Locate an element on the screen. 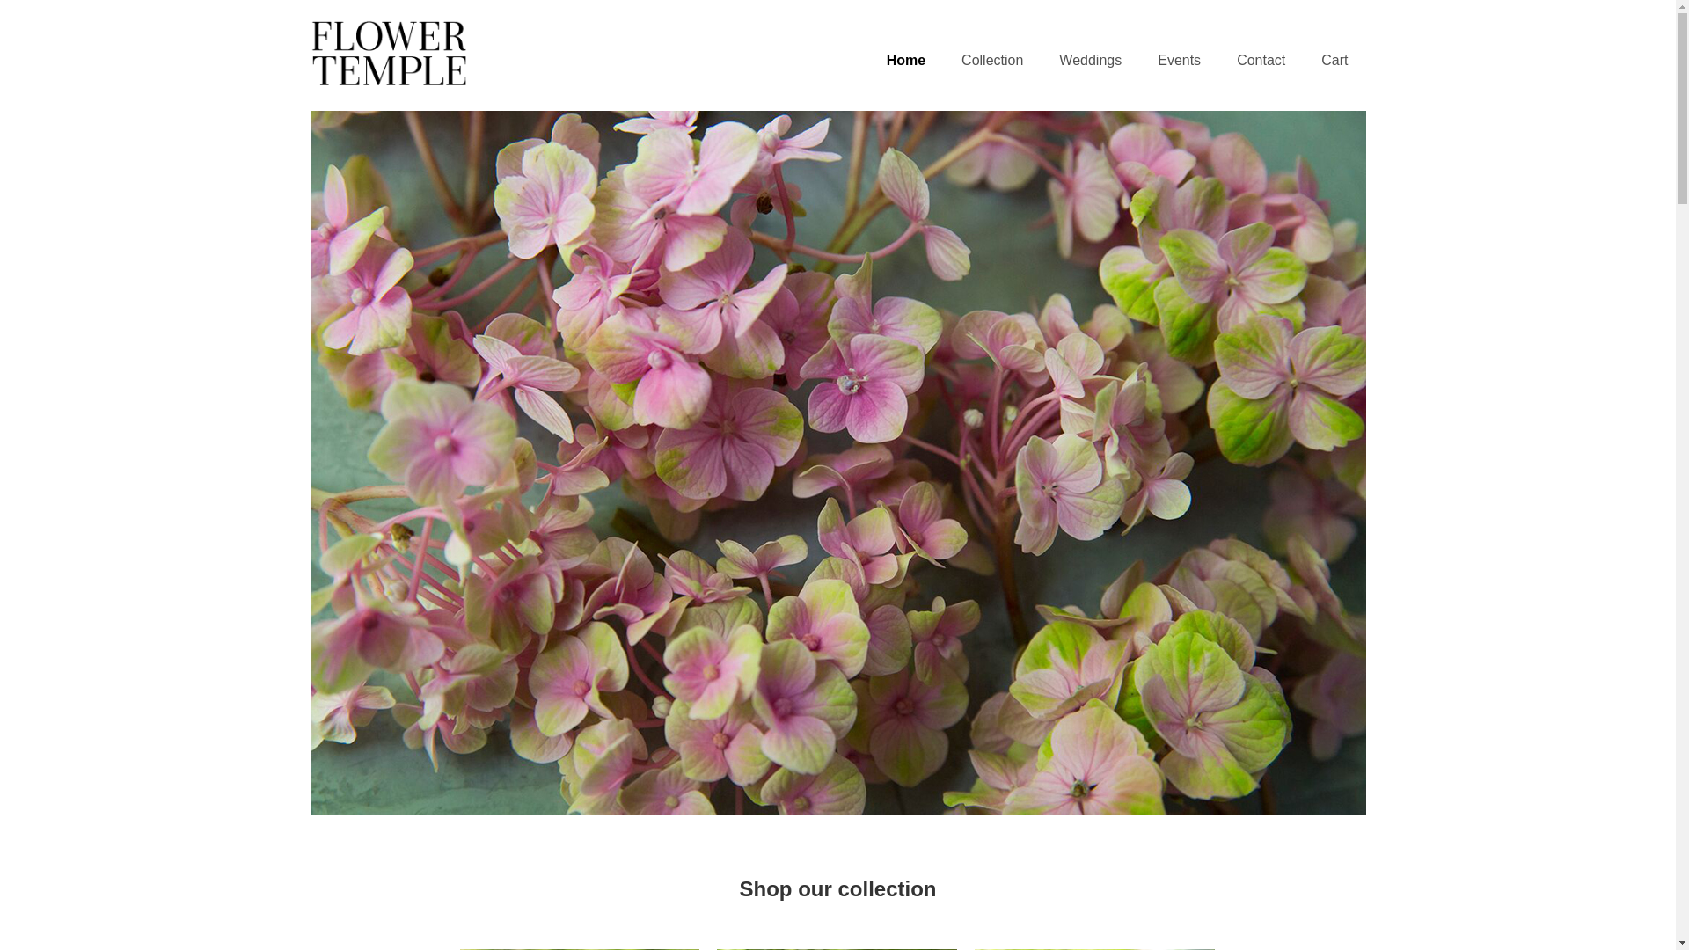 This screenshot has height=950, width=1689. 'Events' is located at coordinates (1179, 61).